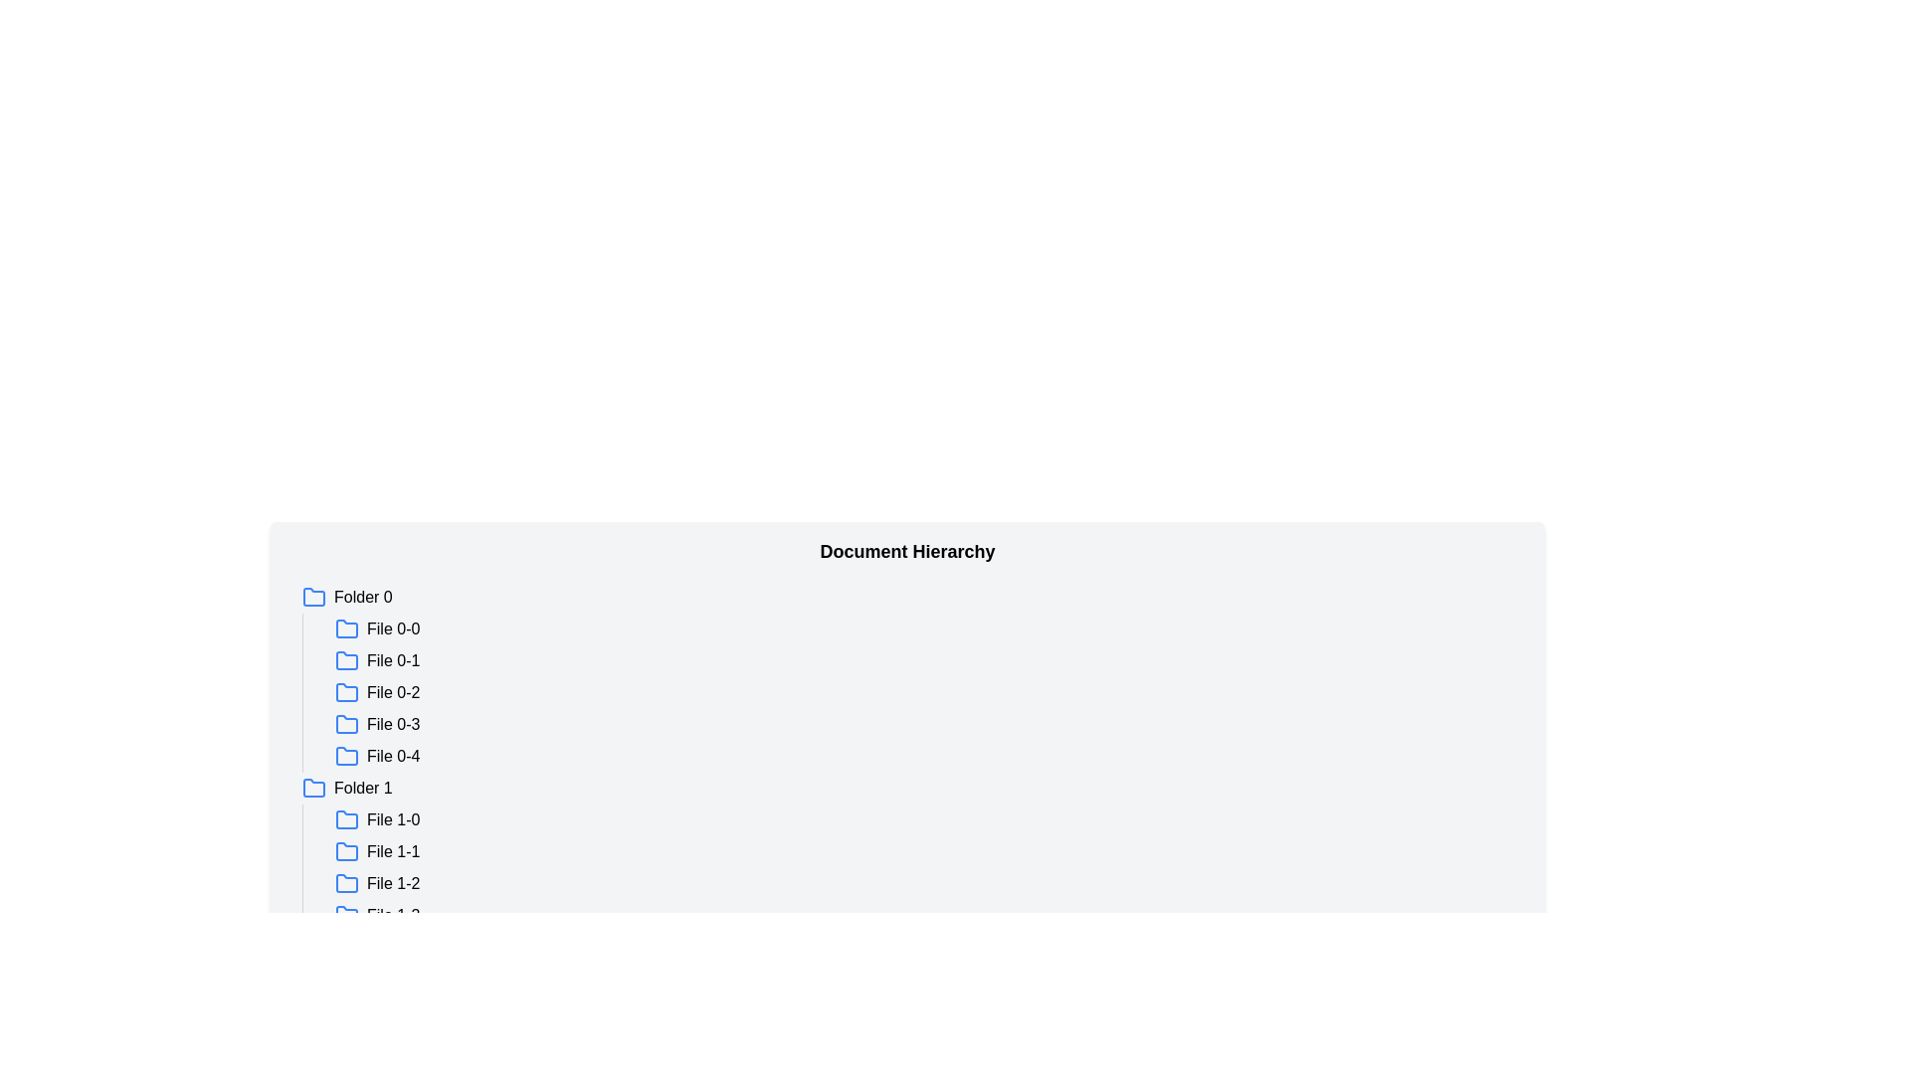 The width and height of the screenshot is (1910, 1074). What do you see at coordinates (347, 755) in the screenshot?
I see `the folder icon with a blue outline` at bounding box center [347, 755].